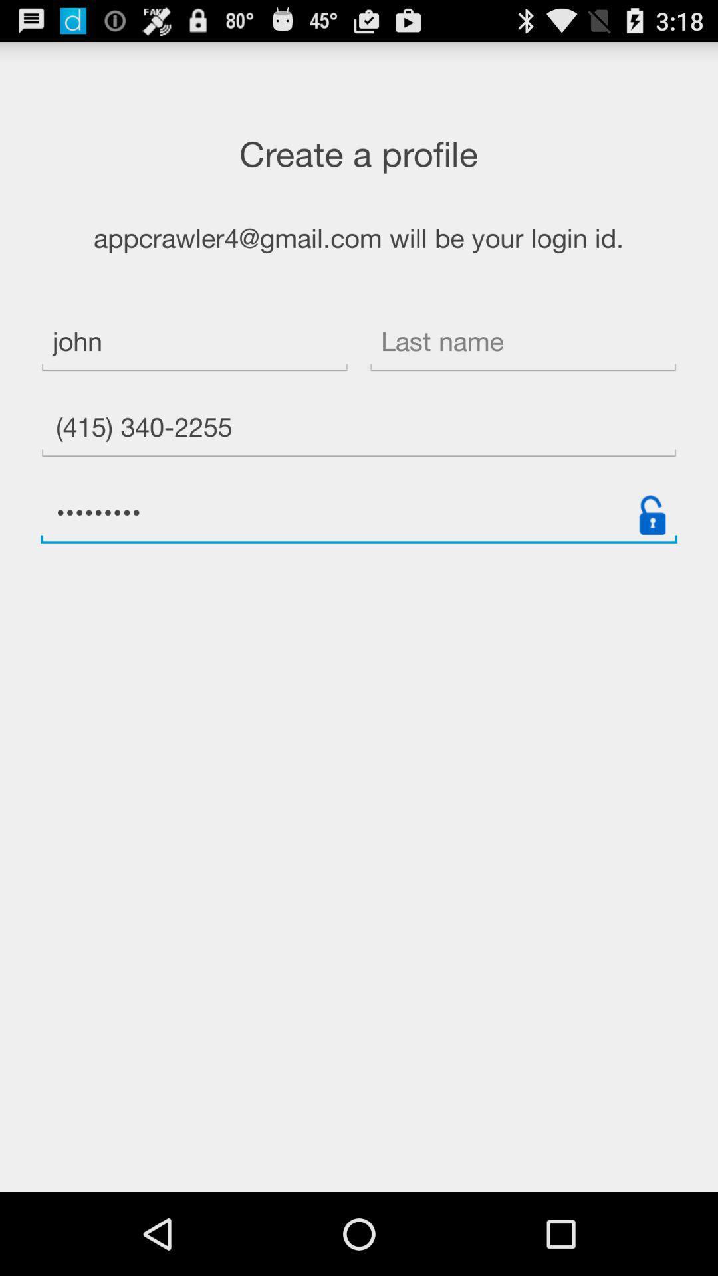 Image resolution: width=718 pixels, height=1276 pixels. Describe the element at coordinates (359, 429) in the screenshot. I see `the (415) 340-2255 icon` at that location.